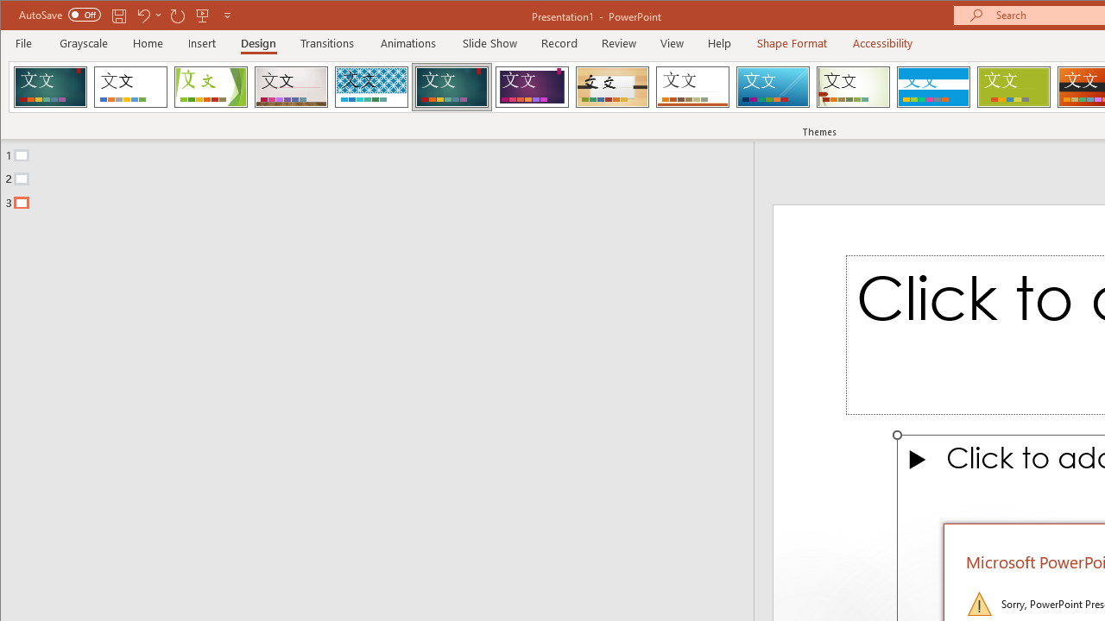 The image size is (1105, 621). What do you see at coordinates (531, 86) in the screenshot?
I see `'Ion Boardroom'` at bounding box center [531, 86].